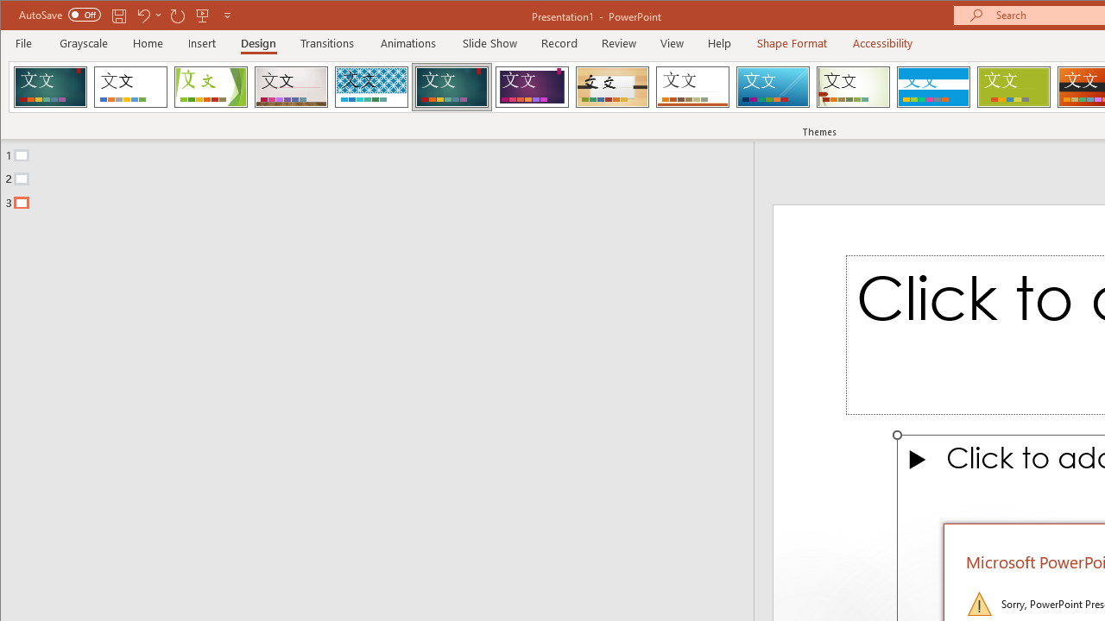 The image size is (1105, 621). What do you see at coordinates (531, 86) in the screenshot?
I see `'Ion Boardroom'` at bounding box center [531, 86].